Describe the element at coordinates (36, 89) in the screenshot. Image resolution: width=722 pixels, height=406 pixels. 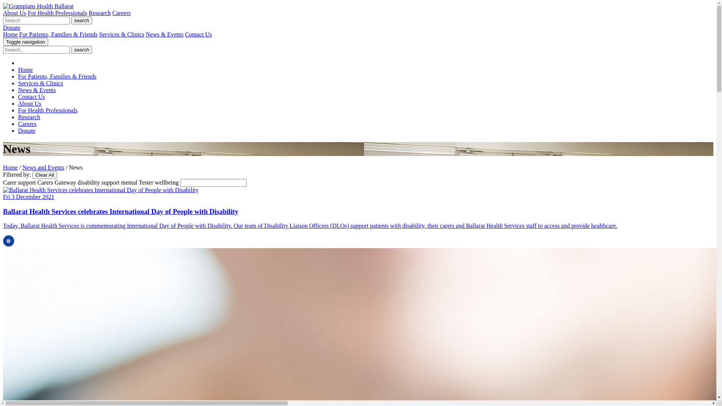
I see `'News & Events'` at that location.